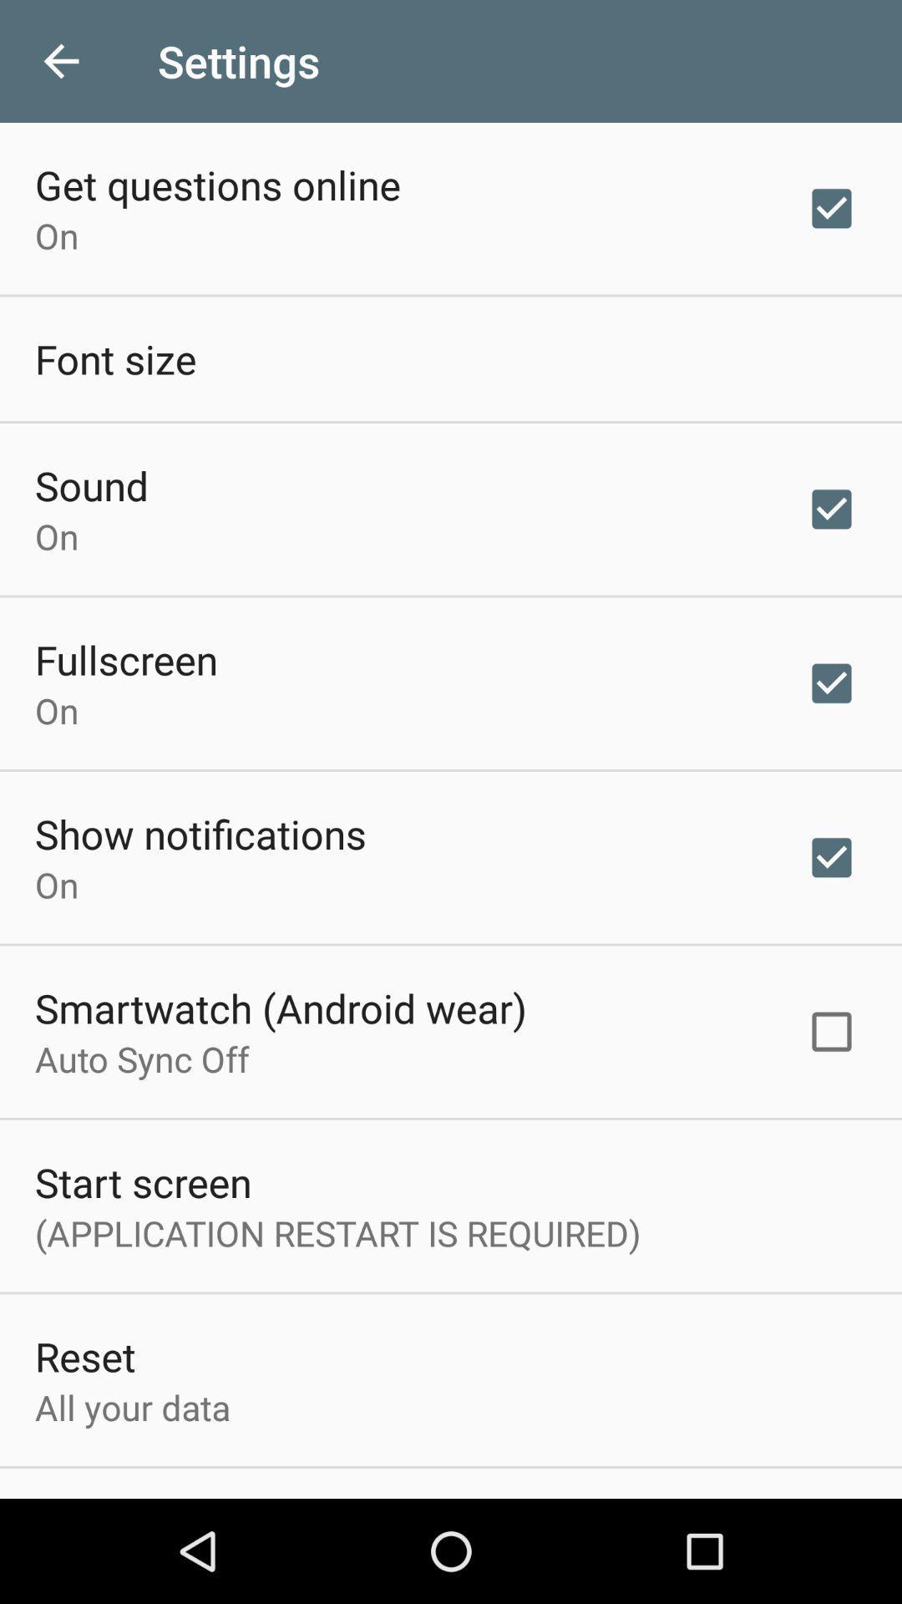 The height and width of the screenshot is (1604, 902). Describe the element at coordinates (91, 485) in the screenshot. I see `sound icon` at that location.